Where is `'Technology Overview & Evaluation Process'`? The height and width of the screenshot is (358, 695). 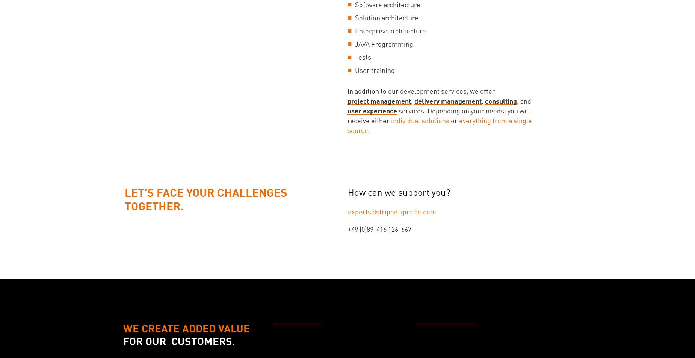 'Technology Overview & Evaluation Process' is located at coordinates (334, 345).